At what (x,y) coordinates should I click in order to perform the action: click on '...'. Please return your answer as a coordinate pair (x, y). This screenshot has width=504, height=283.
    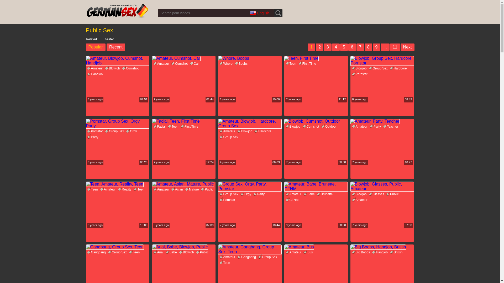
    Looking at the image, I should click on (385, 47).